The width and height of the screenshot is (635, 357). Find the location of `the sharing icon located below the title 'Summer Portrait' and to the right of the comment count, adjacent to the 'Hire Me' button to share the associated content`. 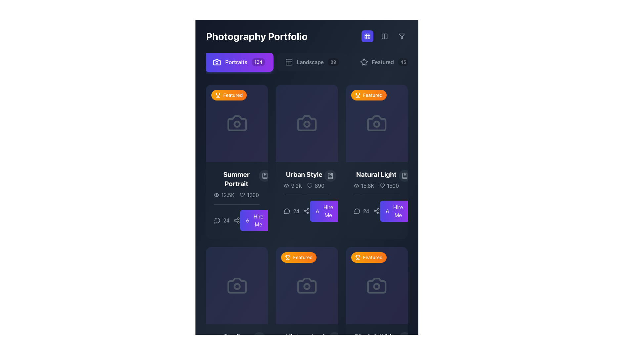

the sharing icon located below the title 'Summer Portrait' and to the right of the comment count, adjacent to the 'Hire Me' button to share the associated content is located at coordinates (237, 218).